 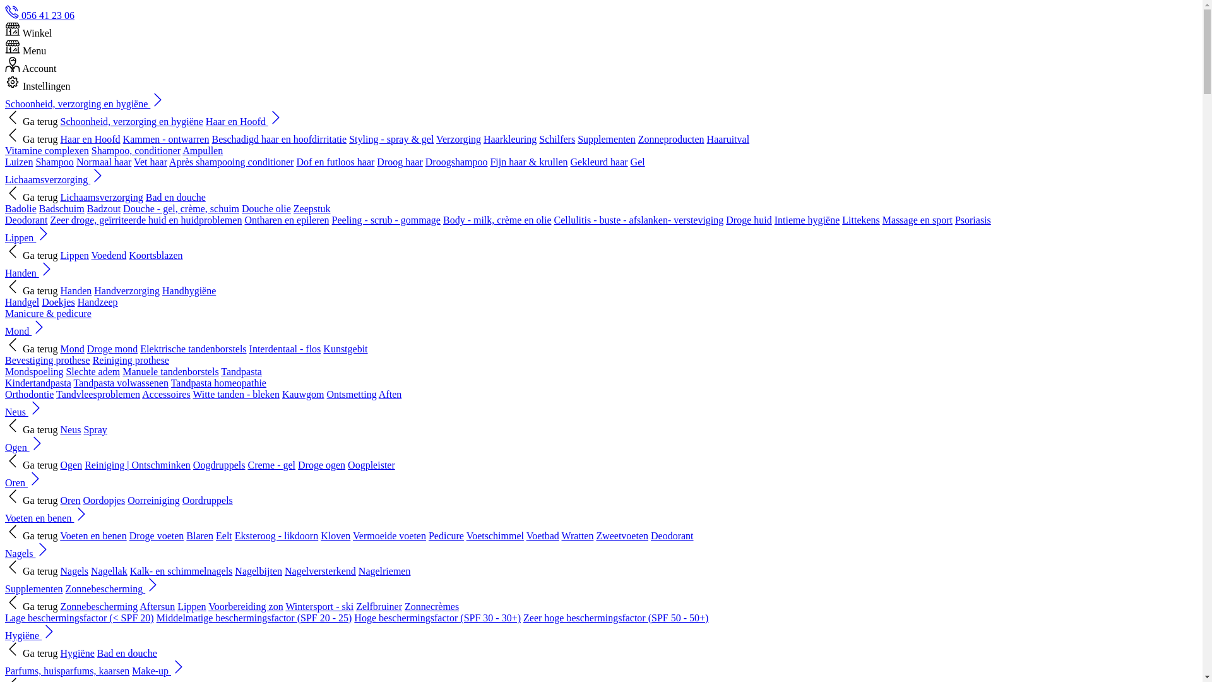 What do you see at coordinates (112, 349) in the screenshot?
I see `'Droge mond'` at bounding box center [112, 349].